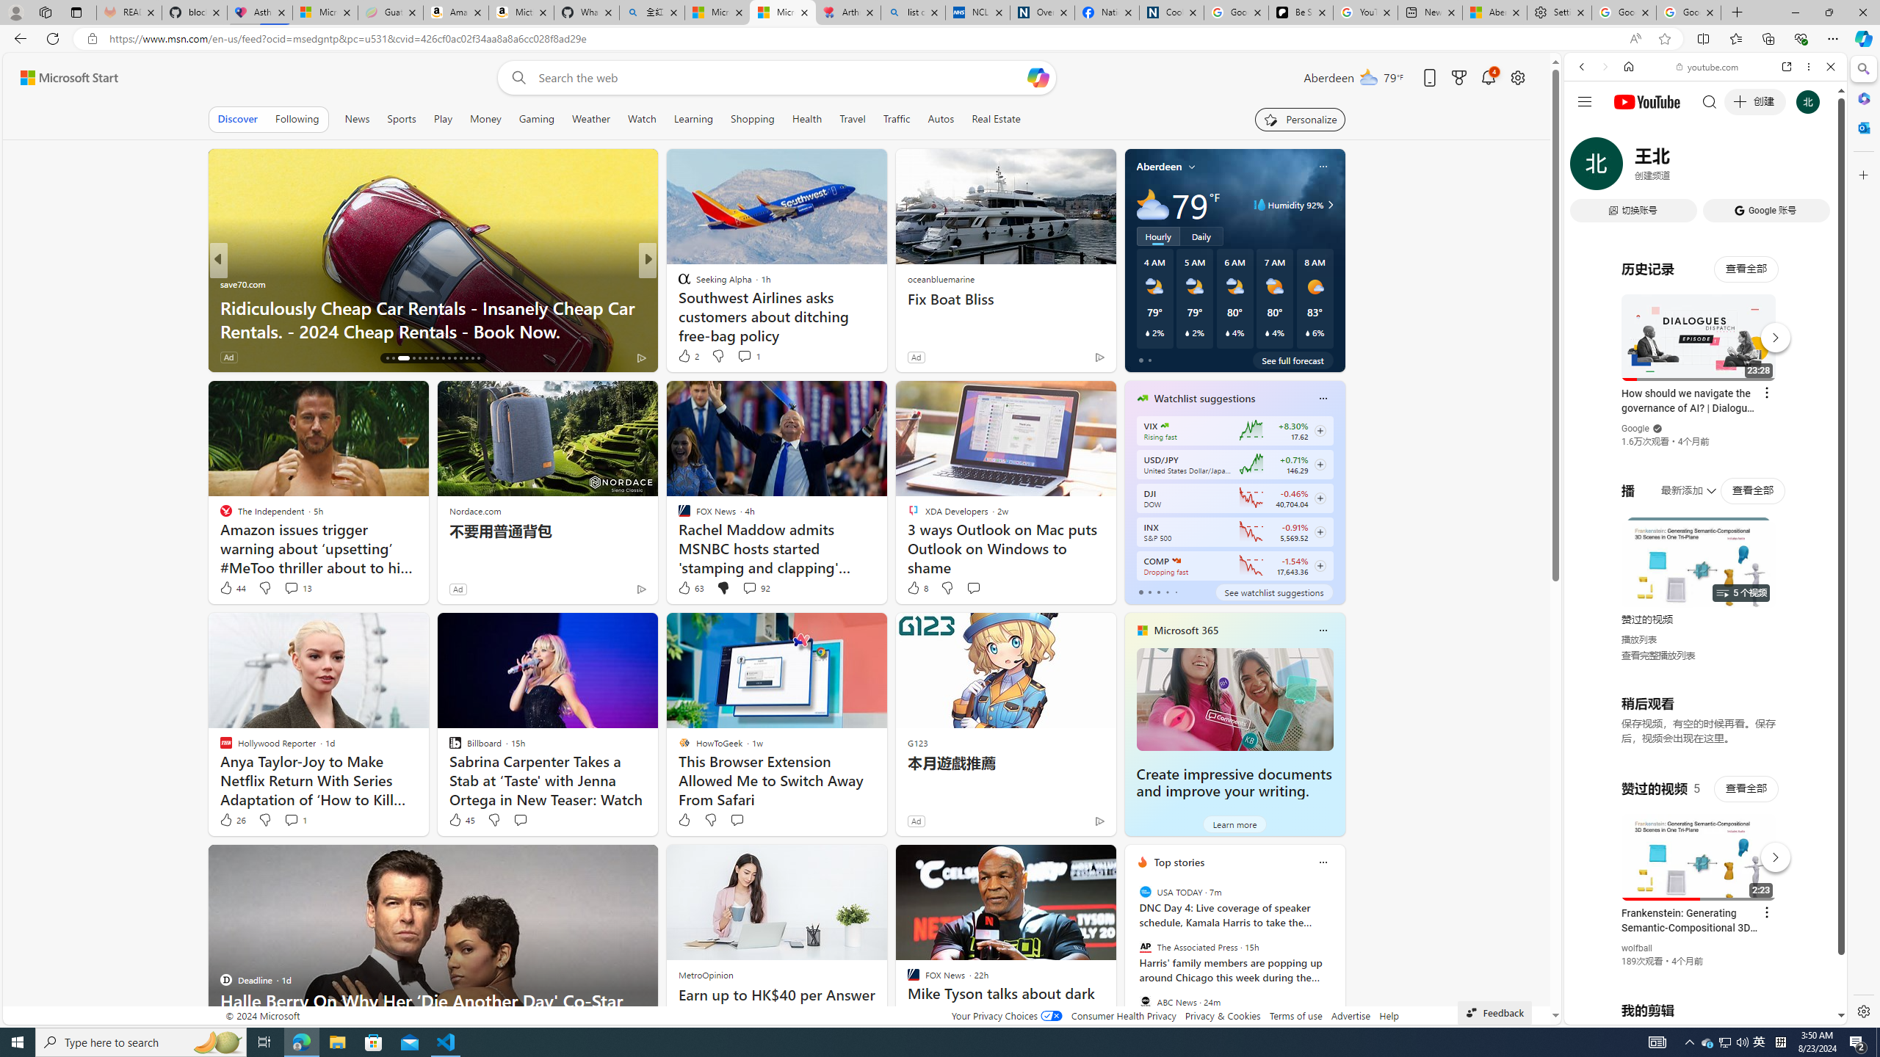  I want to click on 'Close Customize pane', so click(1862, 174).